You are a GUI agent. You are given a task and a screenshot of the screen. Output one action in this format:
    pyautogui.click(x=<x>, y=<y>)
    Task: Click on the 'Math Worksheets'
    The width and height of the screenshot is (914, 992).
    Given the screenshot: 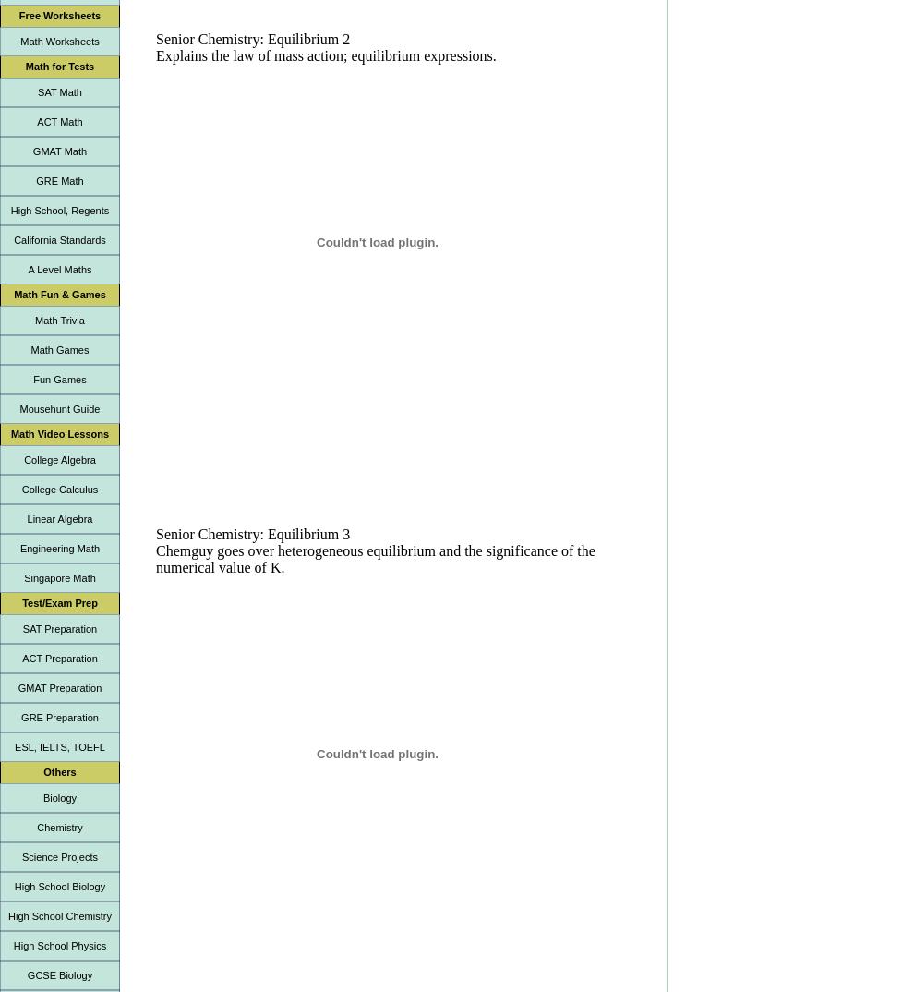 What is the action you would take?
    pyautogui.click(x=59, y=41)
    